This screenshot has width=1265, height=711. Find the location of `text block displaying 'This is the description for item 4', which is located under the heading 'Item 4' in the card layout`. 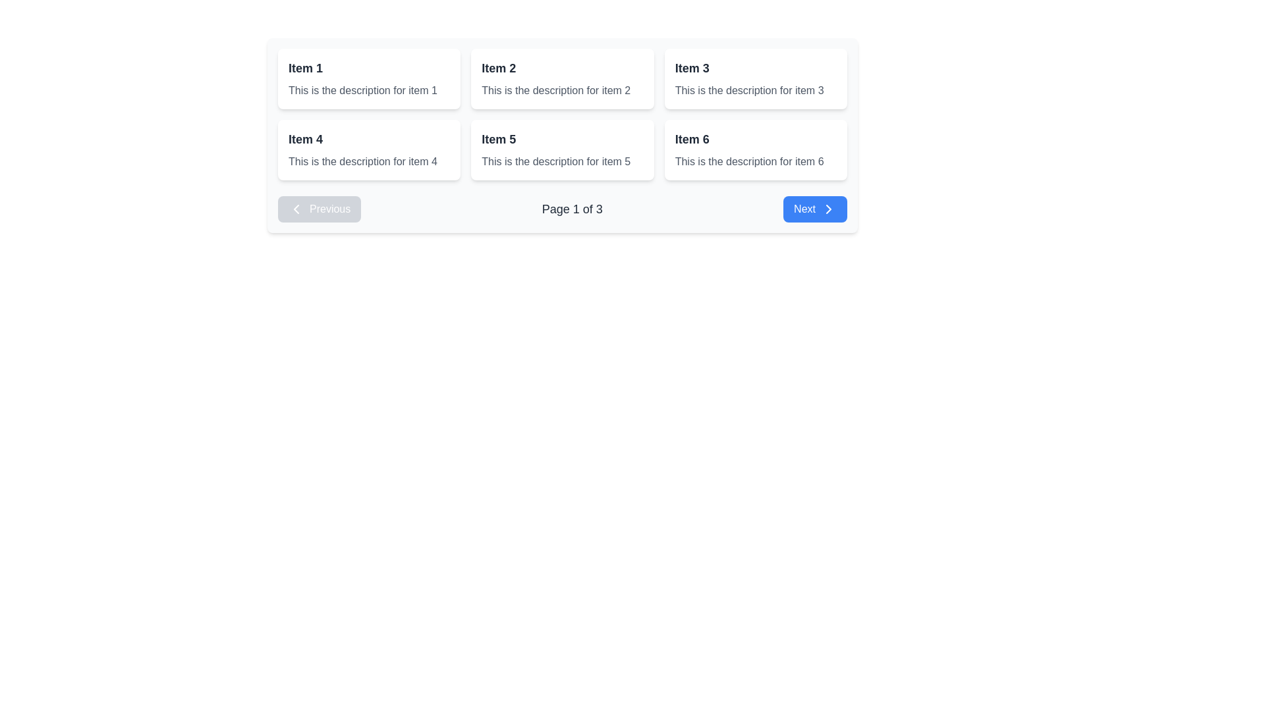

text block displaying 'This is the description for item 4', which is located under the heading 'Item 4' in the card layout is located at coordinates (362, 161).